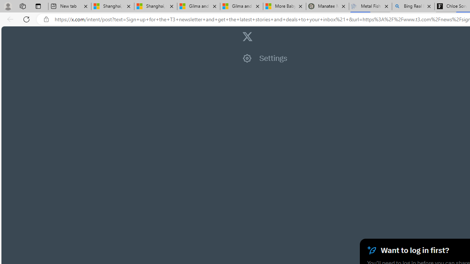 The height and width of the screenshot is (264, 470). Describe the element at coordinates (413, 6) in the screenshot. I see `'Bing Real Estate - Home sales and rental listings'` at that location.